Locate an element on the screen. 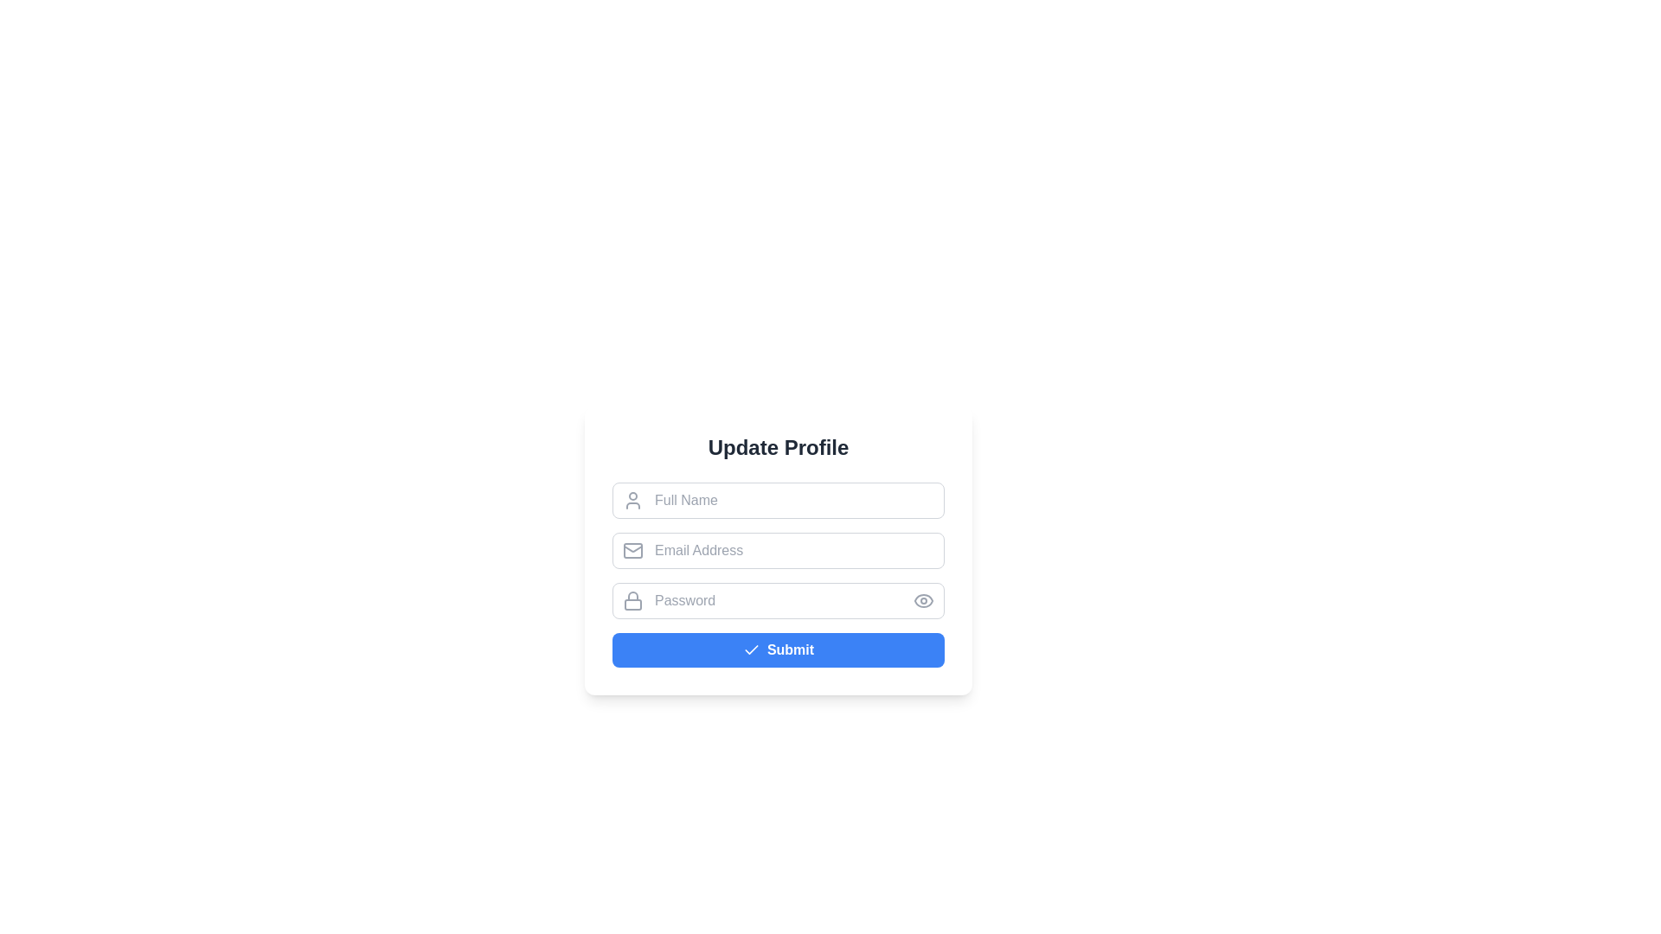  the 'Submit' button with a blue background and white text is located at coordinates (778, 650).